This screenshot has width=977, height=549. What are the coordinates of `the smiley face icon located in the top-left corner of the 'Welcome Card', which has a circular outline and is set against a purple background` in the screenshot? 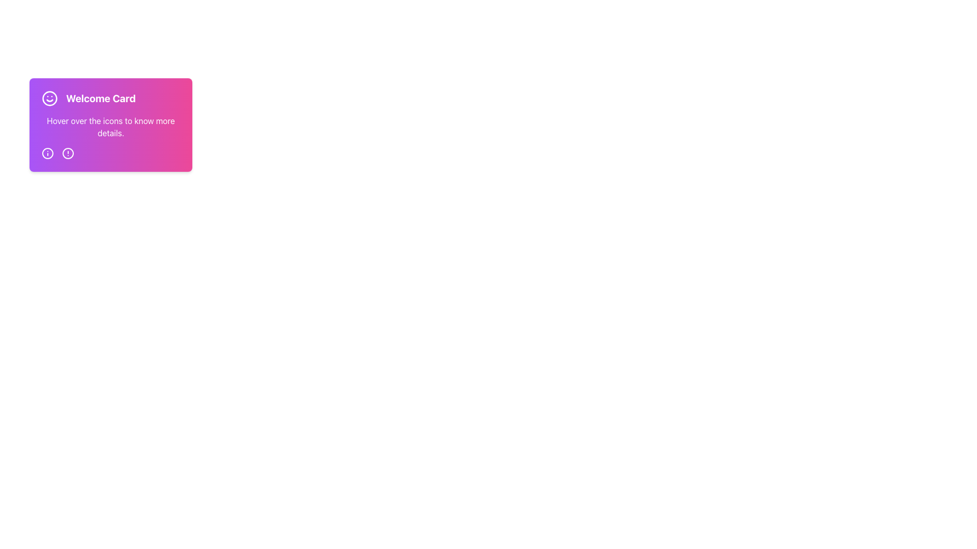 It's located at (49, 98).